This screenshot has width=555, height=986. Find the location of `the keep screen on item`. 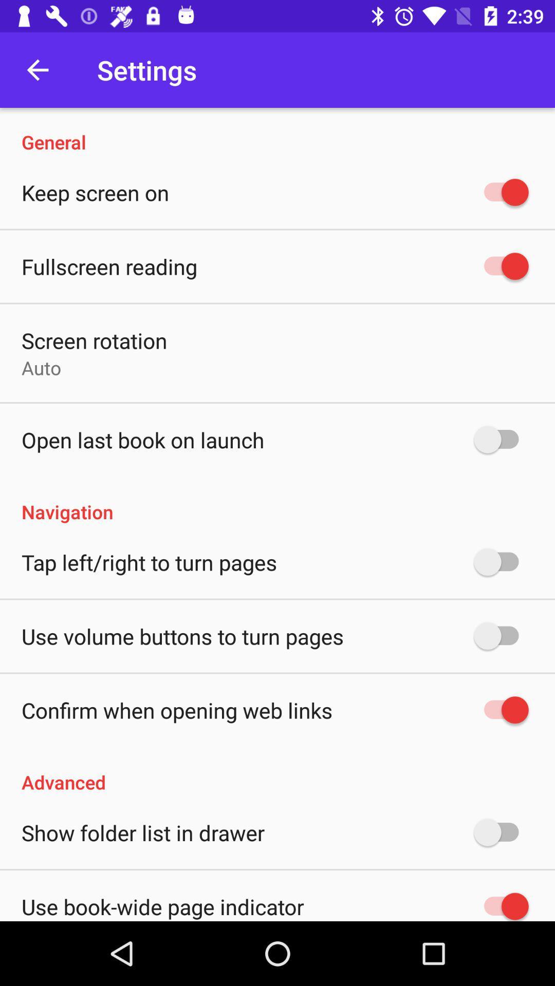

the keep screen on item is located at coordinates (95, 192).